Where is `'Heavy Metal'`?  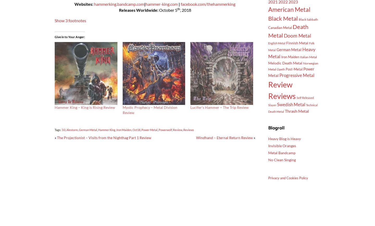
'Heavy Metal' is located at coordinates (291, 52).